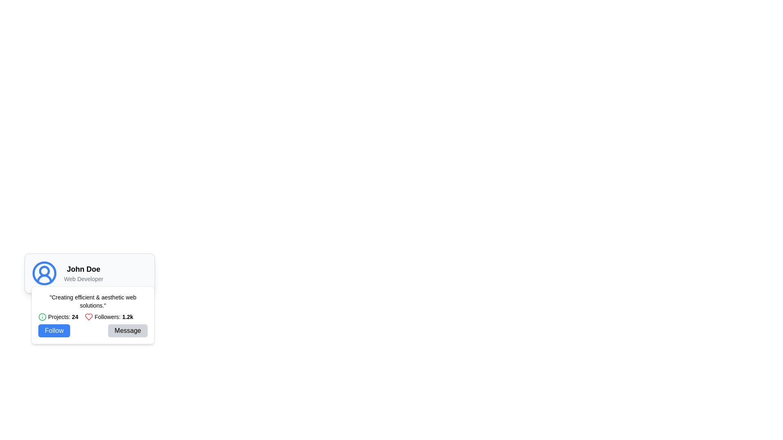  Describe the element at coordinates (93, 317) in the screenshot. I see `the interactive elements surrounding the Information display section, which includes the text blocks 'Projects: 24' and 'Followers: 1.2k' with their respective icons` at that location.